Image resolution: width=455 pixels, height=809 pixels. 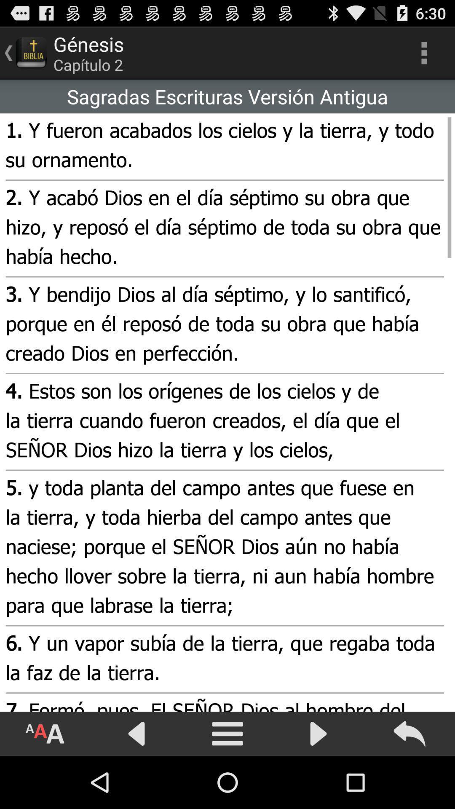 I want to click on the icon above the 1 y fueron, so click(x=227, y=96).